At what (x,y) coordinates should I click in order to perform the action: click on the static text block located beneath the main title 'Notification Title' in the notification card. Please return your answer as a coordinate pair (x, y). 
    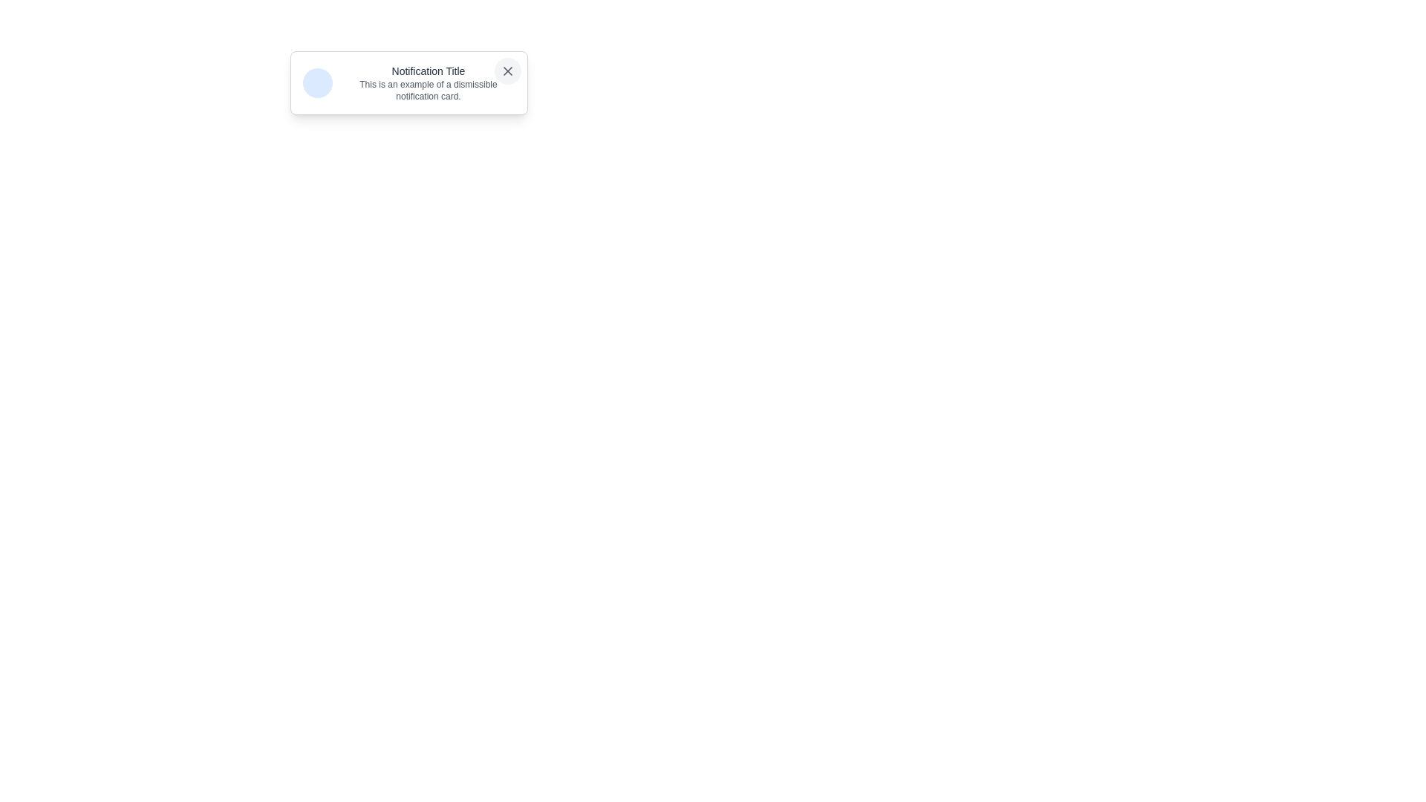
    Looking at the image, I should click on (427, 91).